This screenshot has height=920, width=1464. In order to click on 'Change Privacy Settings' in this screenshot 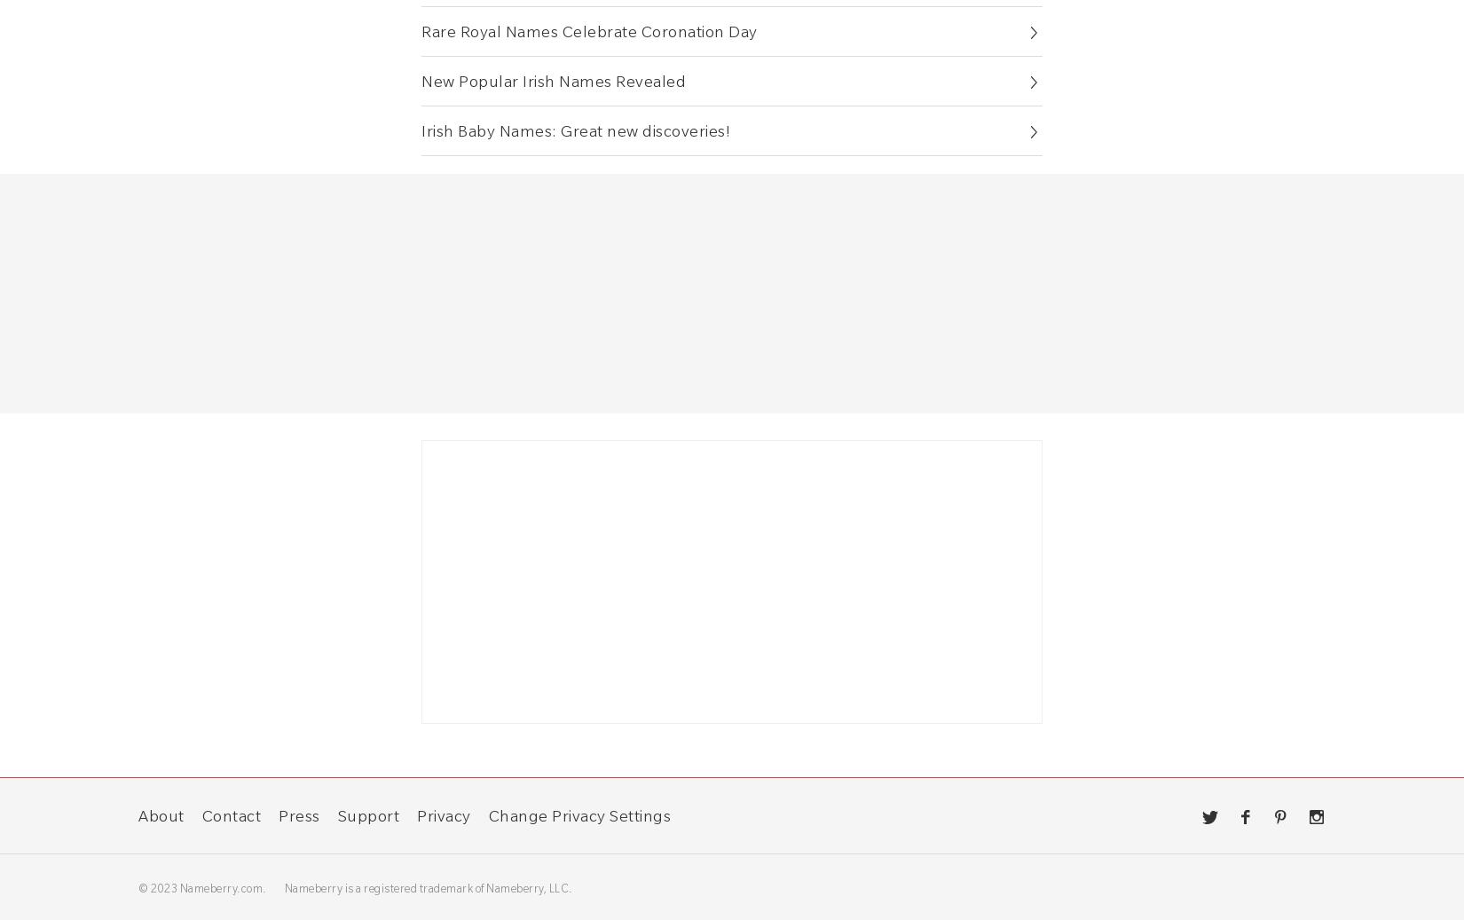, I will do `click(579, 814)`.